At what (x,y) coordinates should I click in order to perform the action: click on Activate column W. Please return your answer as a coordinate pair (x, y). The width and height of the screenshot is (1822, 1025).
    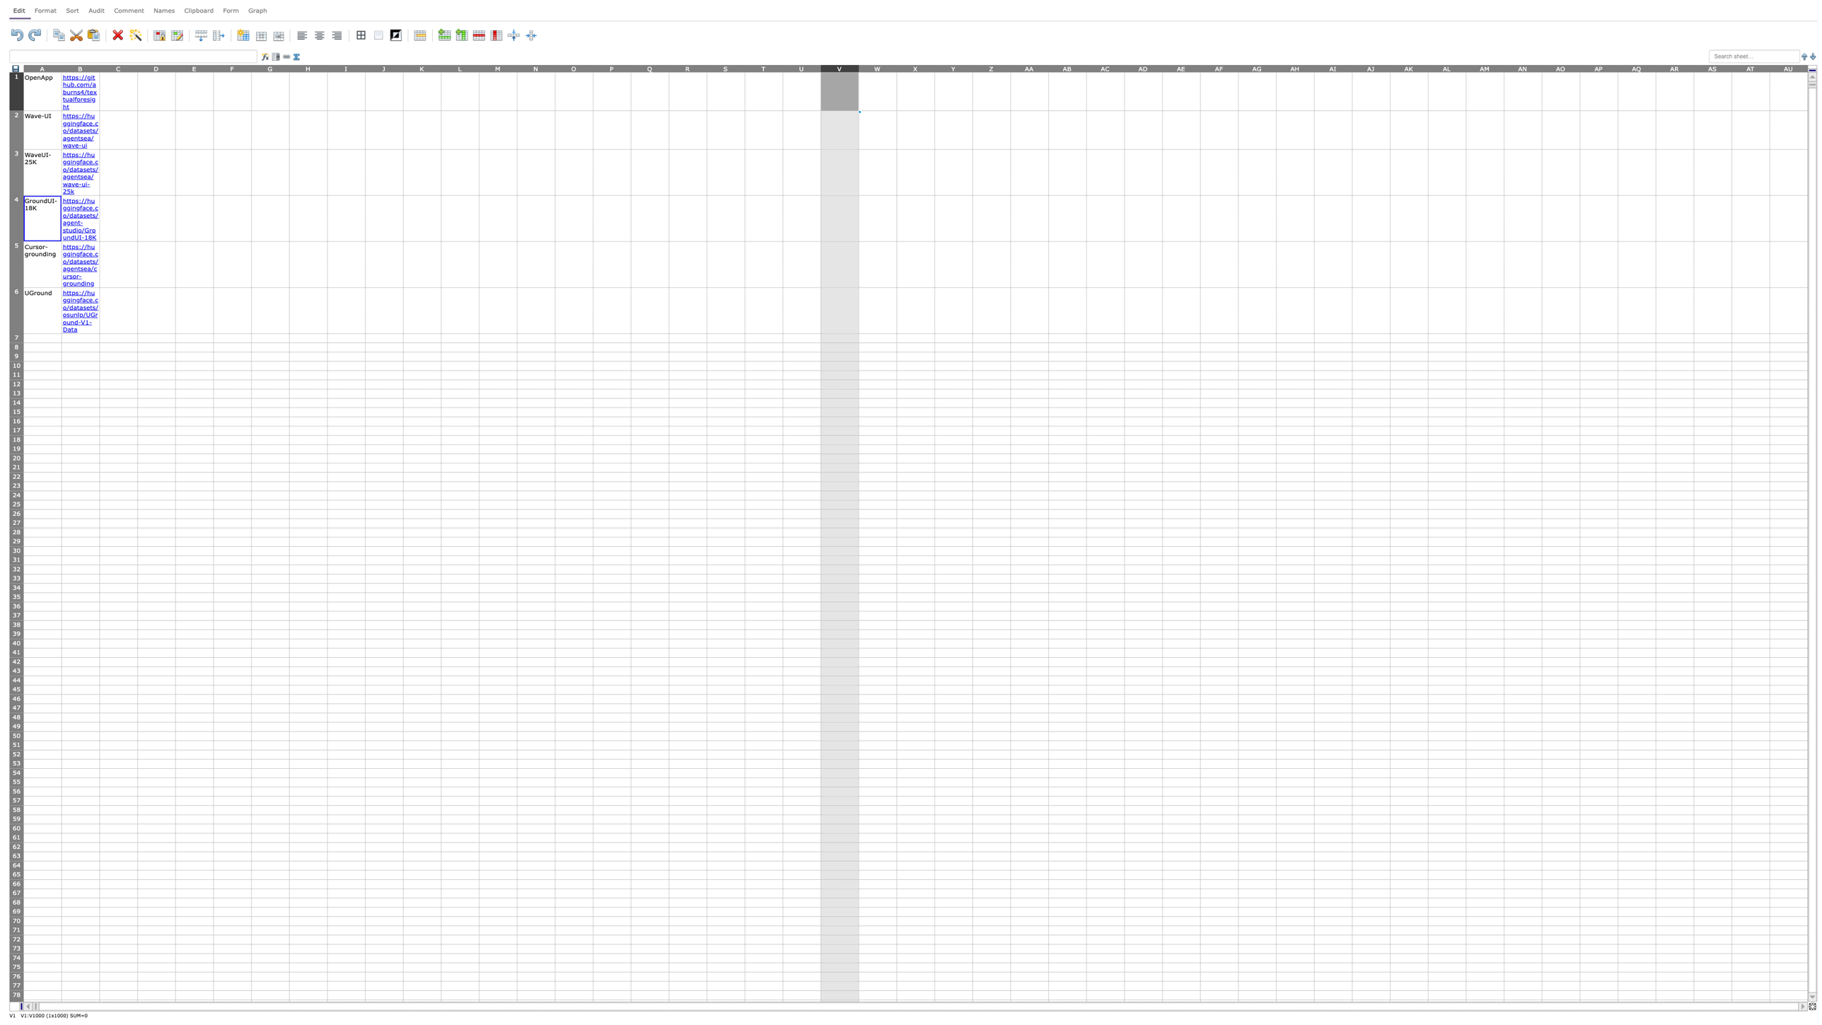
    Looking at the image, I should click on (877, 67).